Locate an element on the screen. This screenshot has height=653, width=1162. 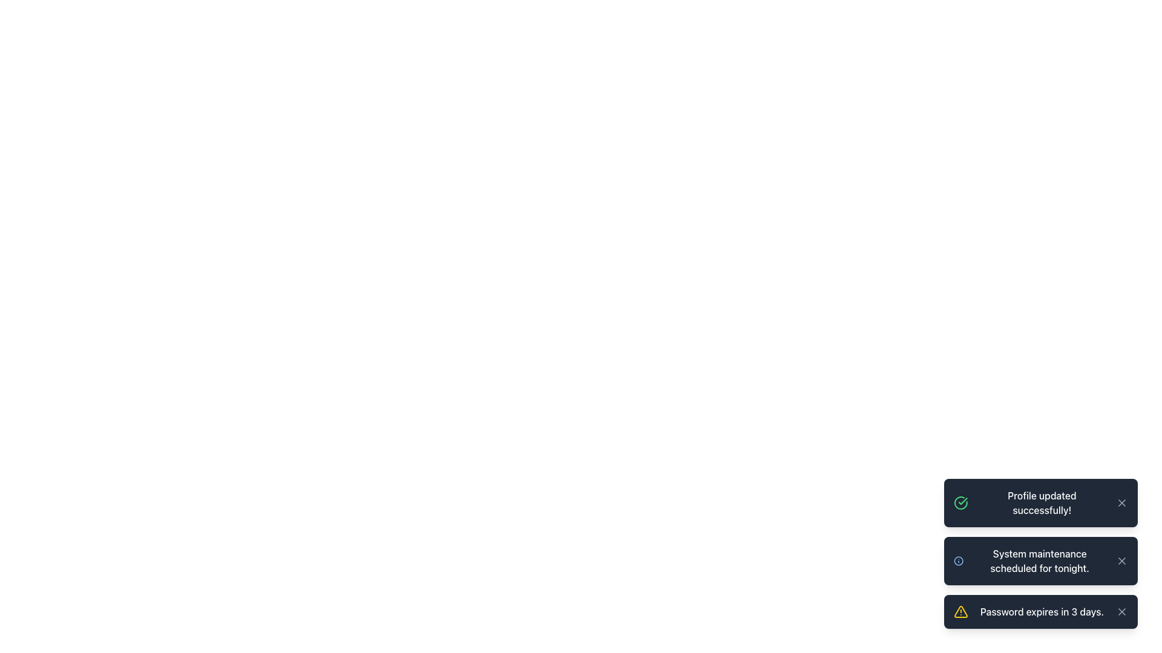
the close button located in the top-right corner of the notification card that dismisses the message 'System maintenance scheduled for tonight.' is located at coordinates (1121, 561).